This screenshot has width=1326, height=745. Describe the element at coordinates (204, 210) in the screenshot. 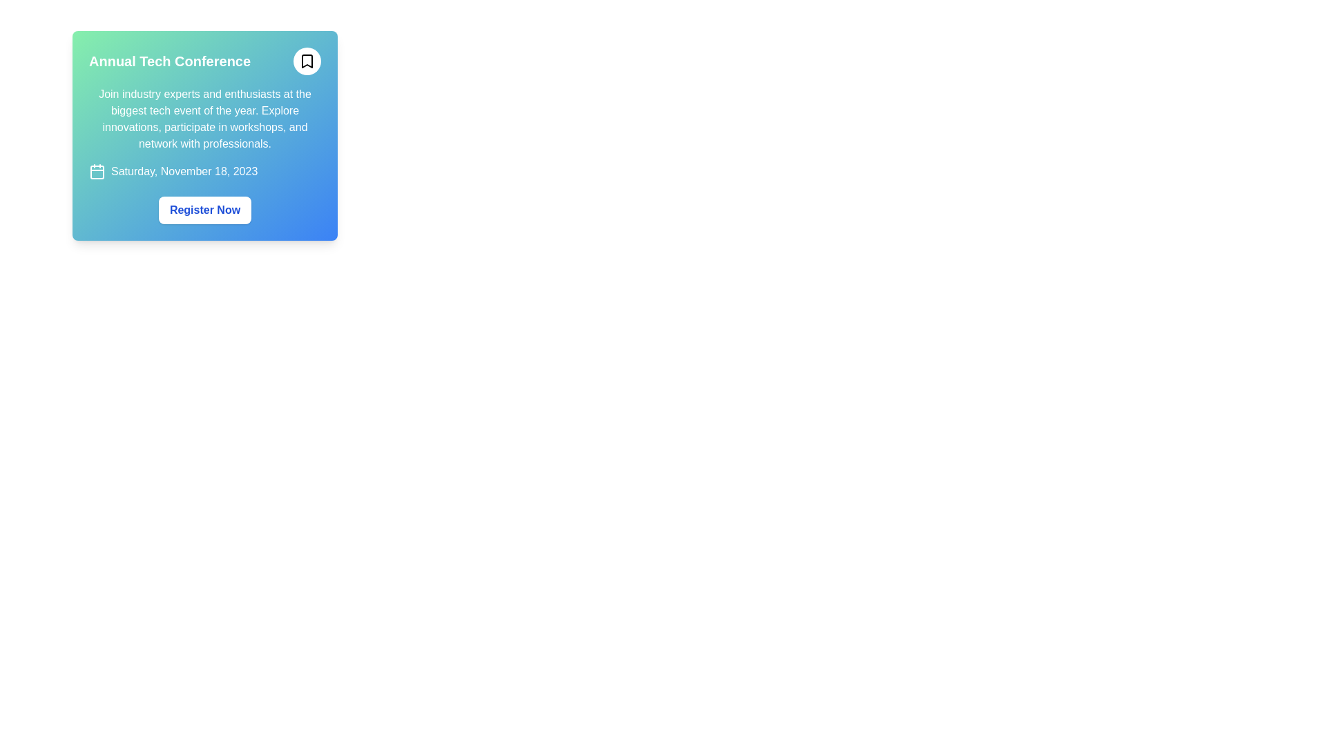

I see `the button for the 'Annual Tech Conference'` at that location.